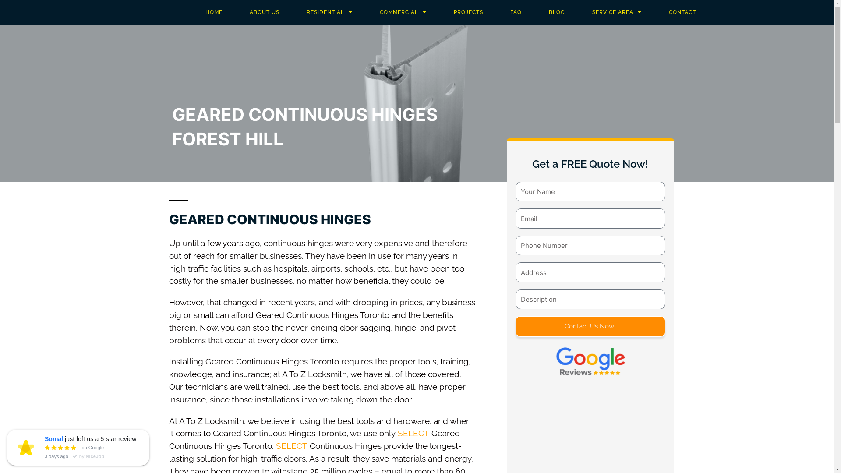 The image size is (841, 473). I want to click on 'COMMERCIAL', so click(403, 12).